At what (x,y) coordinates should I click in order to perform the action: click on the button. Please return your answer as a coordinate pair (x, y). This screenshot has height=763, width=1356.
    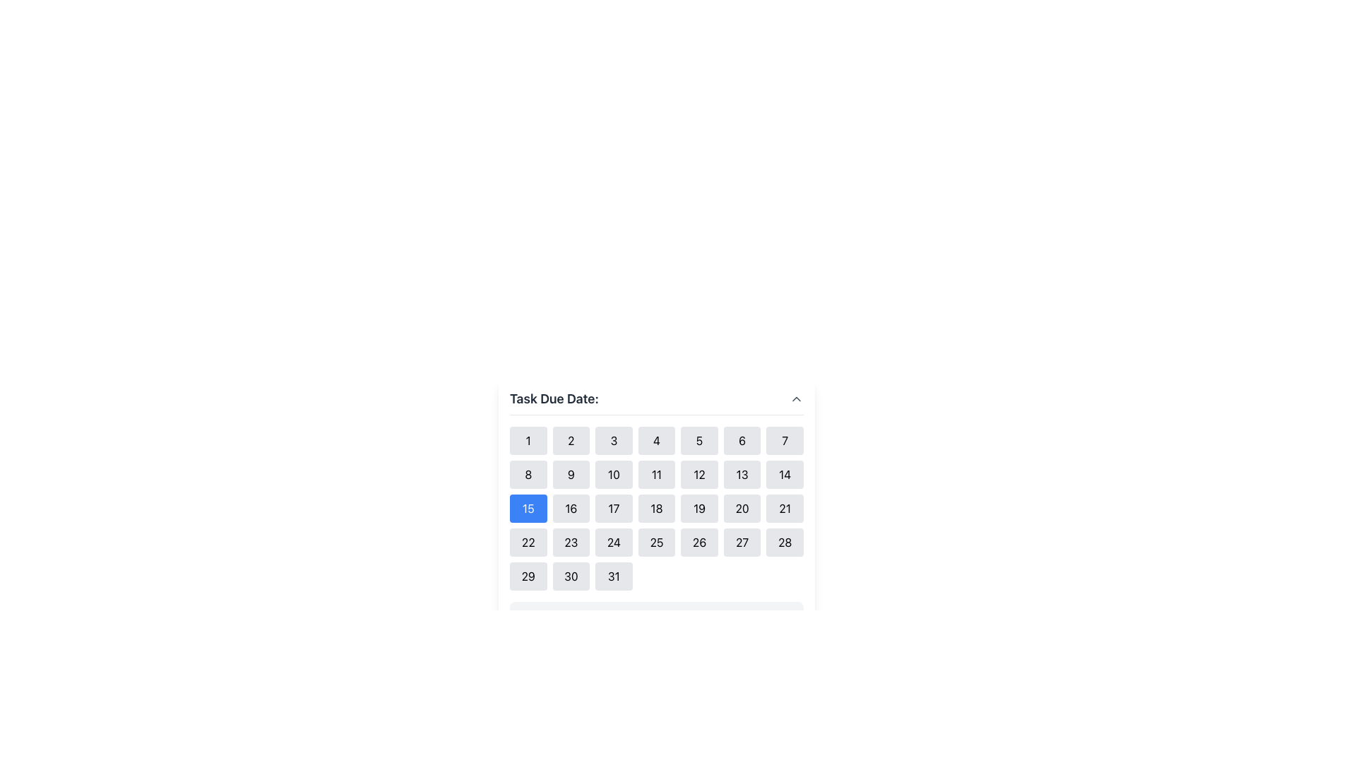
    Looking at the image, I should click on (656, 509).